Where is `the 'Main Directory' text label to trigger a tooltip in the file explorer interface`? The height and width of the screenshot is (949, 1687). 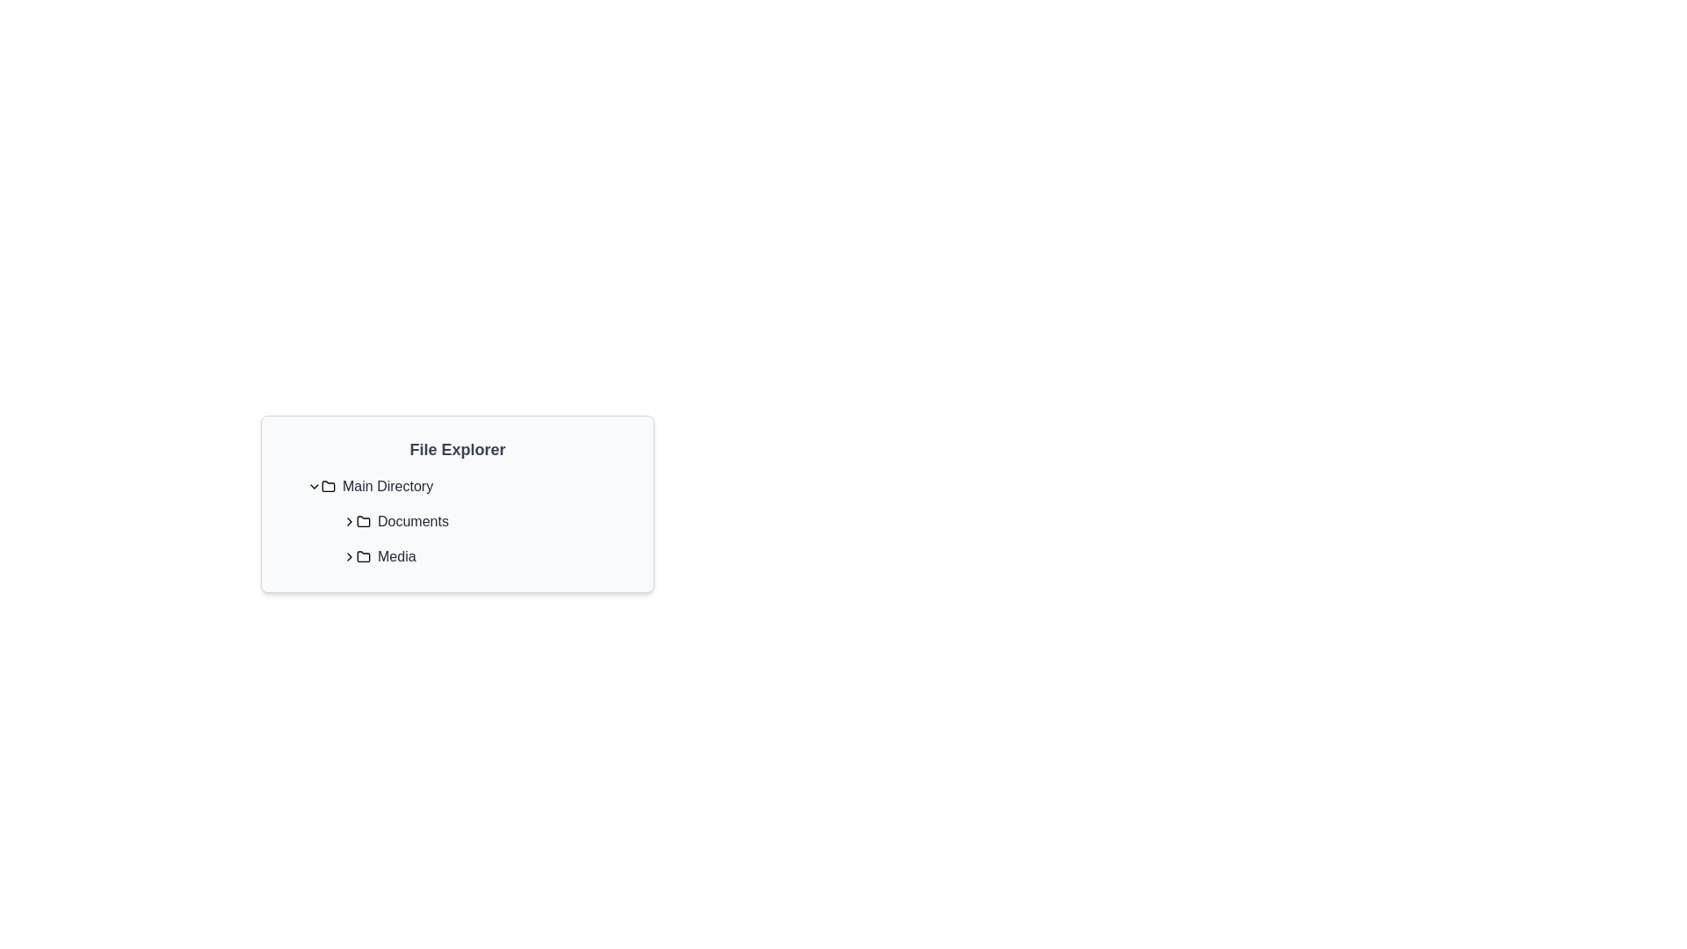
the 'Main Directory' text label to trigger a tooltip in the file explorer interface is located at coordinates (387, 487).